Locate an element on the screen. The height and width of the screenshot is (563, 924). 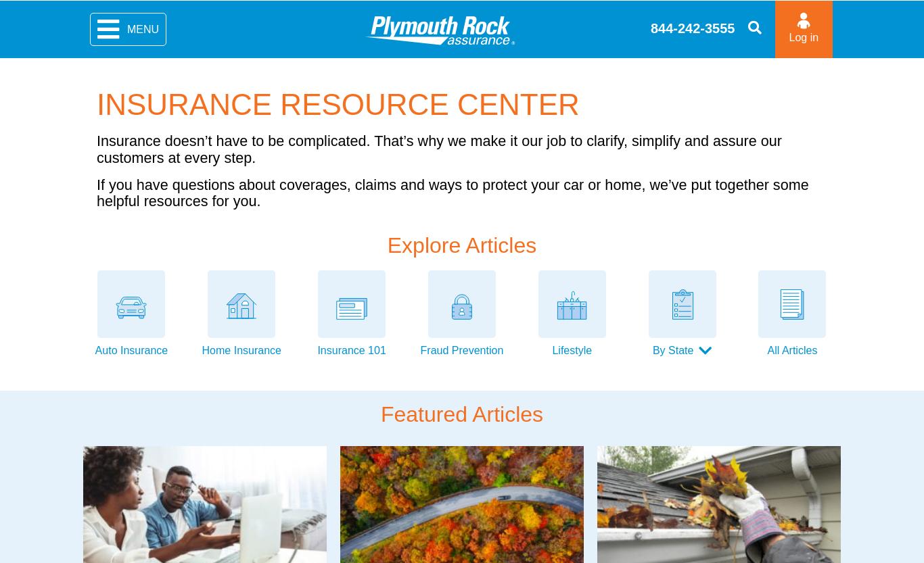
'Auto Insurance' is located at coordinates (130, 349).